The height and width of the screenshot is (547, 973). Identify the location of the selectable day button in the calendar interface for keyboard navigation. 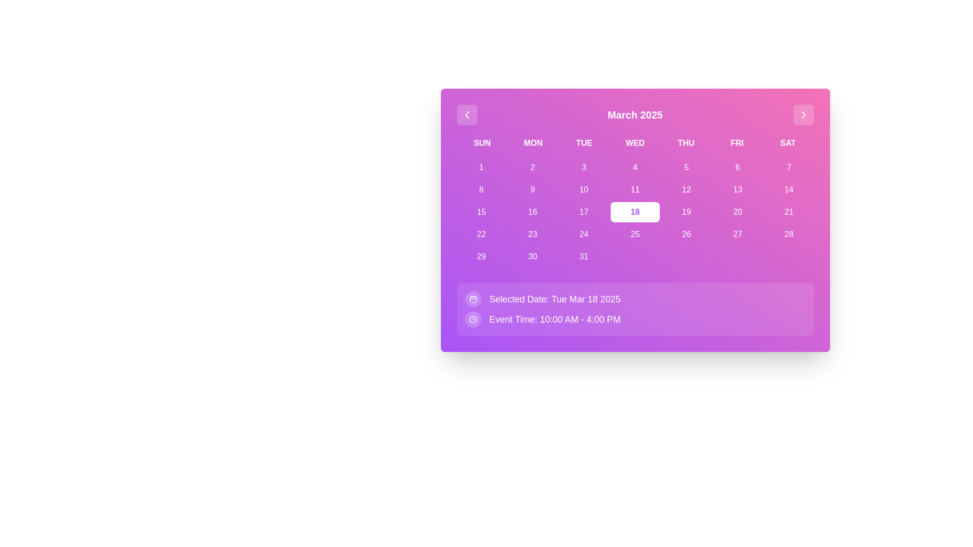
(532, 167).